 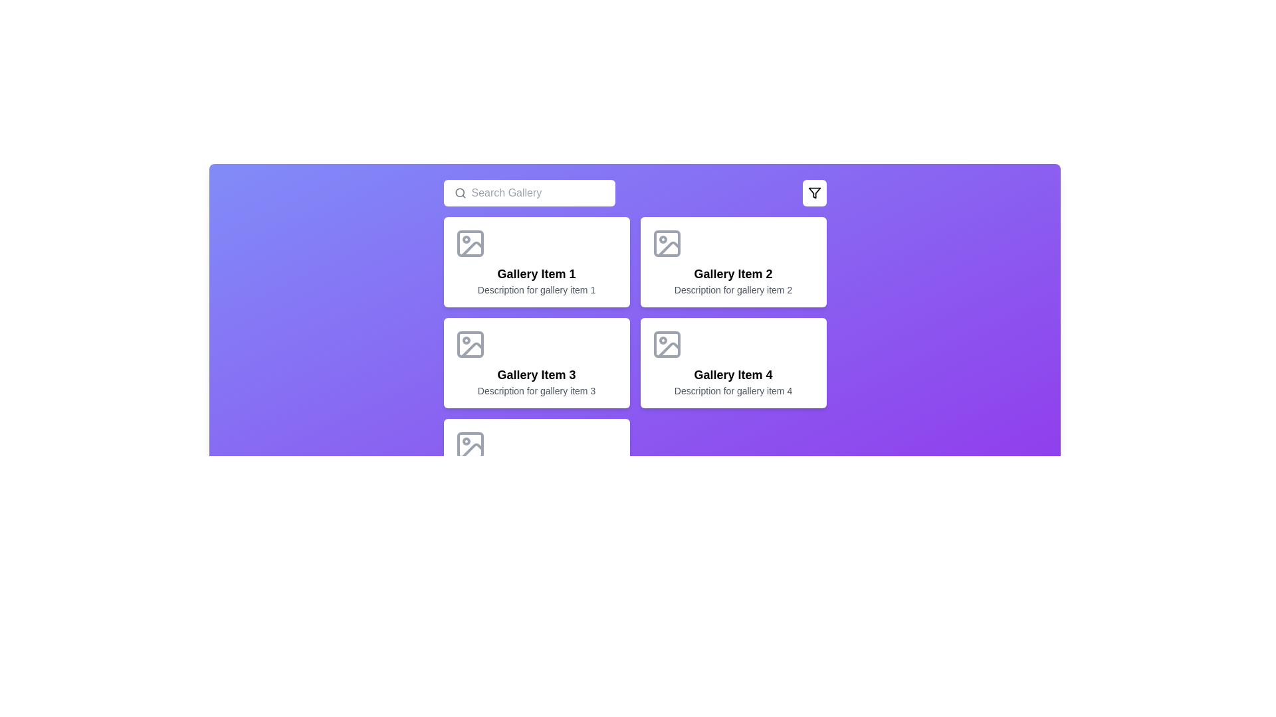 I want to click on the decorative graphical element, which is a small rectangle with rounded corners located in the upper-left corner of the image icon of 'Gallery Item 2', so click(x=667, y=243).